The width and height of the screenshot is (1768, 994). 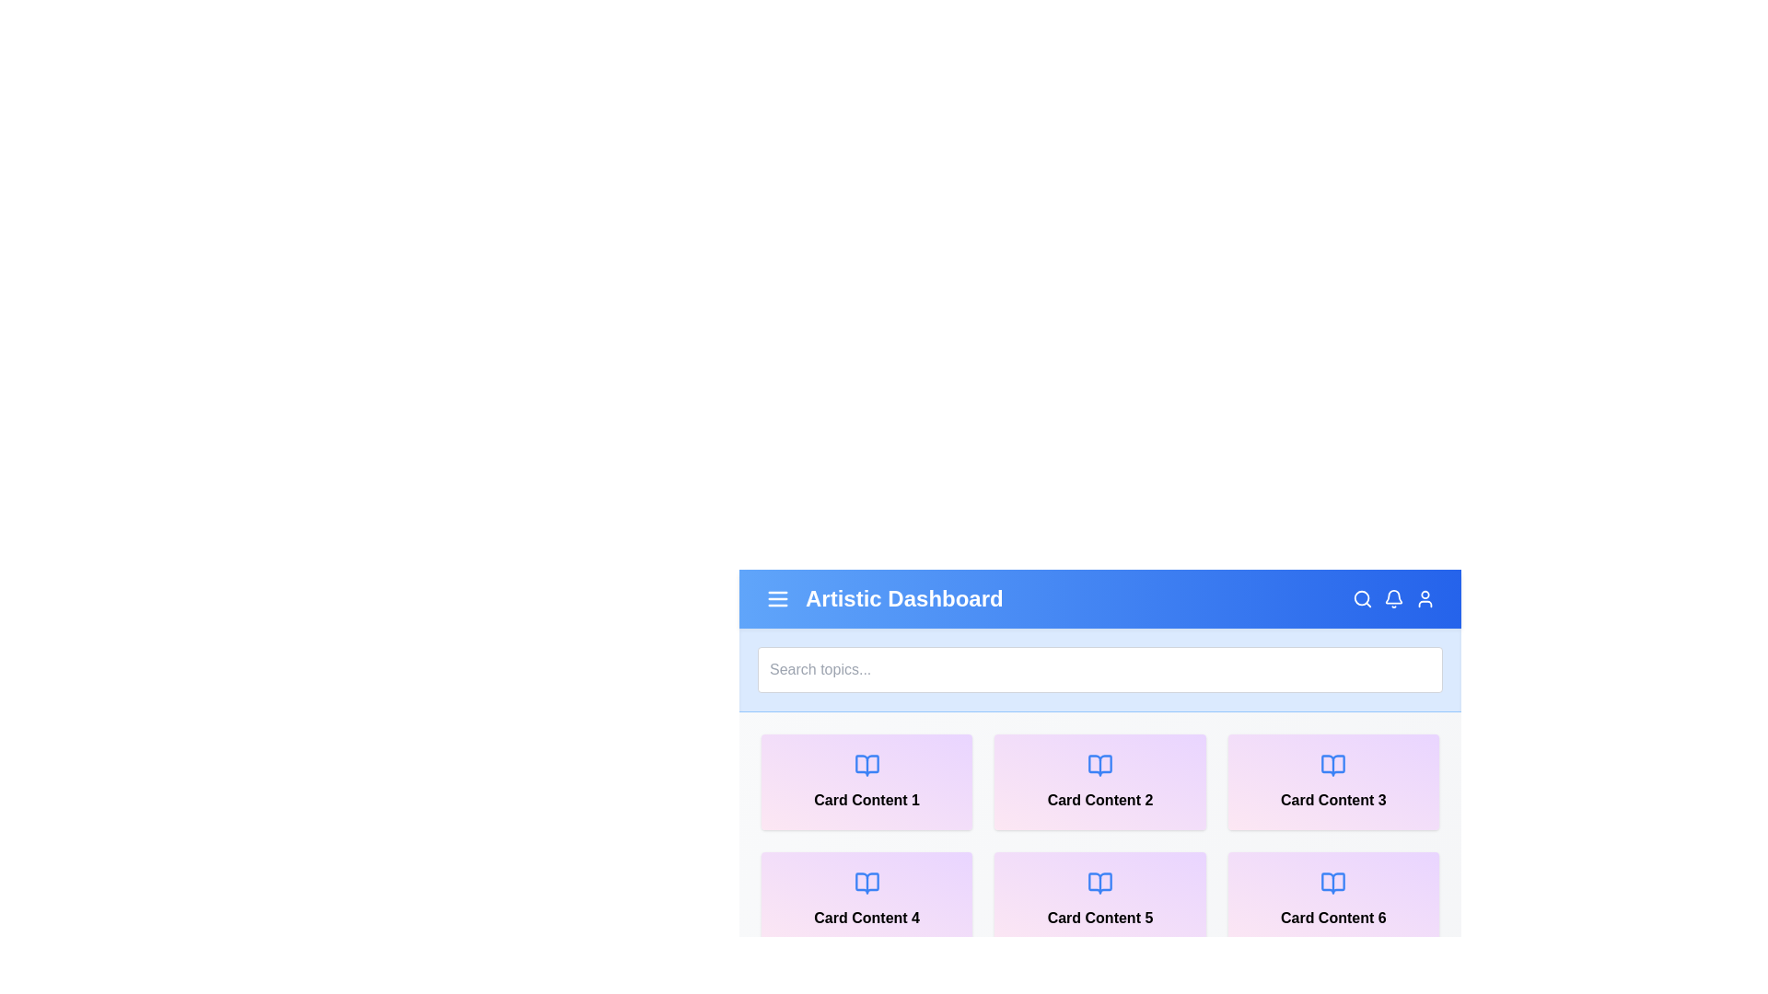 What do you see at coordinates (1362, 599) in the screenshot?
I see `the search icon to toggle the visibility of the search bar` at bounding box center [1362, 599].